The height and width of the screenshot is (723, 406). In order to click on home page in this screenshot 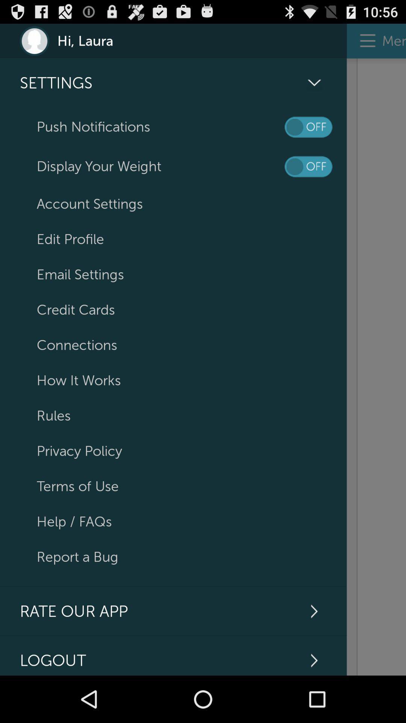, I will do `click(376, 367)`.